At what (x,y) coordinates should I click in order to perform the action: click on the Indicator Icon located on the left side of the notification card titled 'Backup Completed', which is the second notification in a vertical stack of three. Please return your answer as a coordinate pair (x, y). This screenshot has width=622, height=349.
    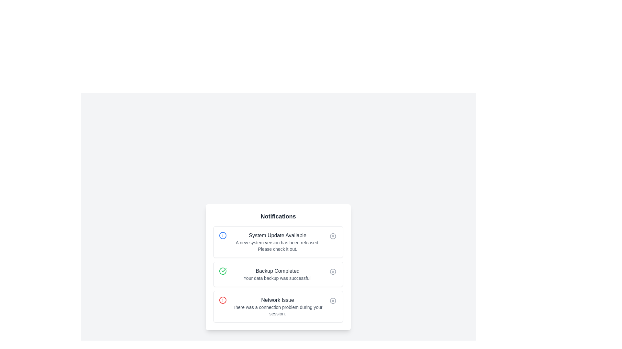
    Looking at the image, I should click on (223, 271).